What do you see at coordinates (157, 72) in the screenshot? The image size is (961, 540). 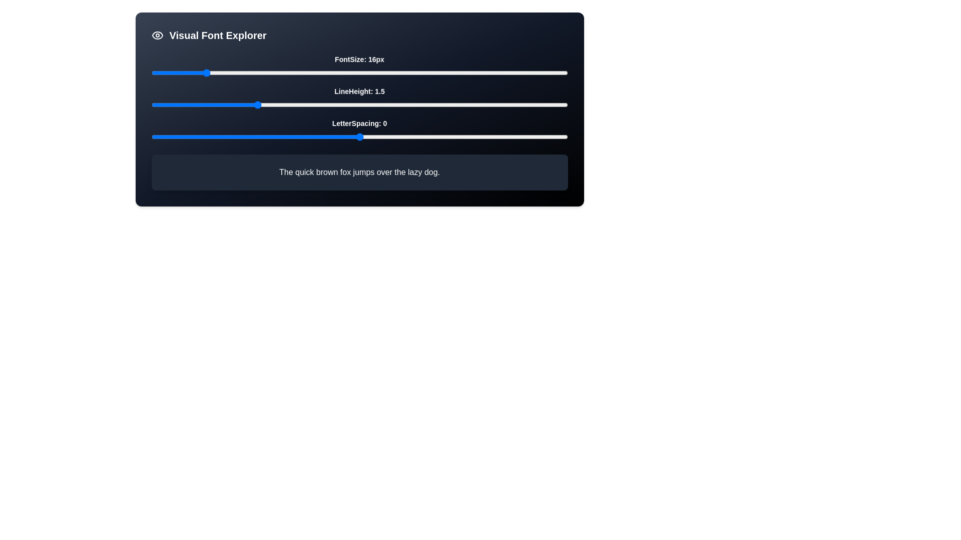 I see `the font size slider to 9 pixels` at bounding box center [157, 72].